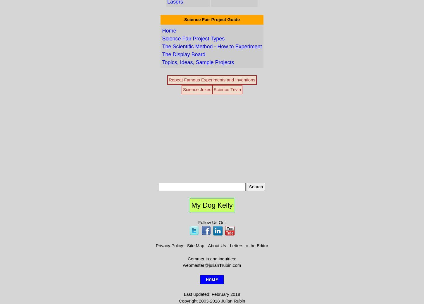 The width and height of the screenshot is (424, 304). What do you see at coordinates (211, 222) in the screenshot?
I see `'Follow Us On:'` at bounding box center [211, 222].